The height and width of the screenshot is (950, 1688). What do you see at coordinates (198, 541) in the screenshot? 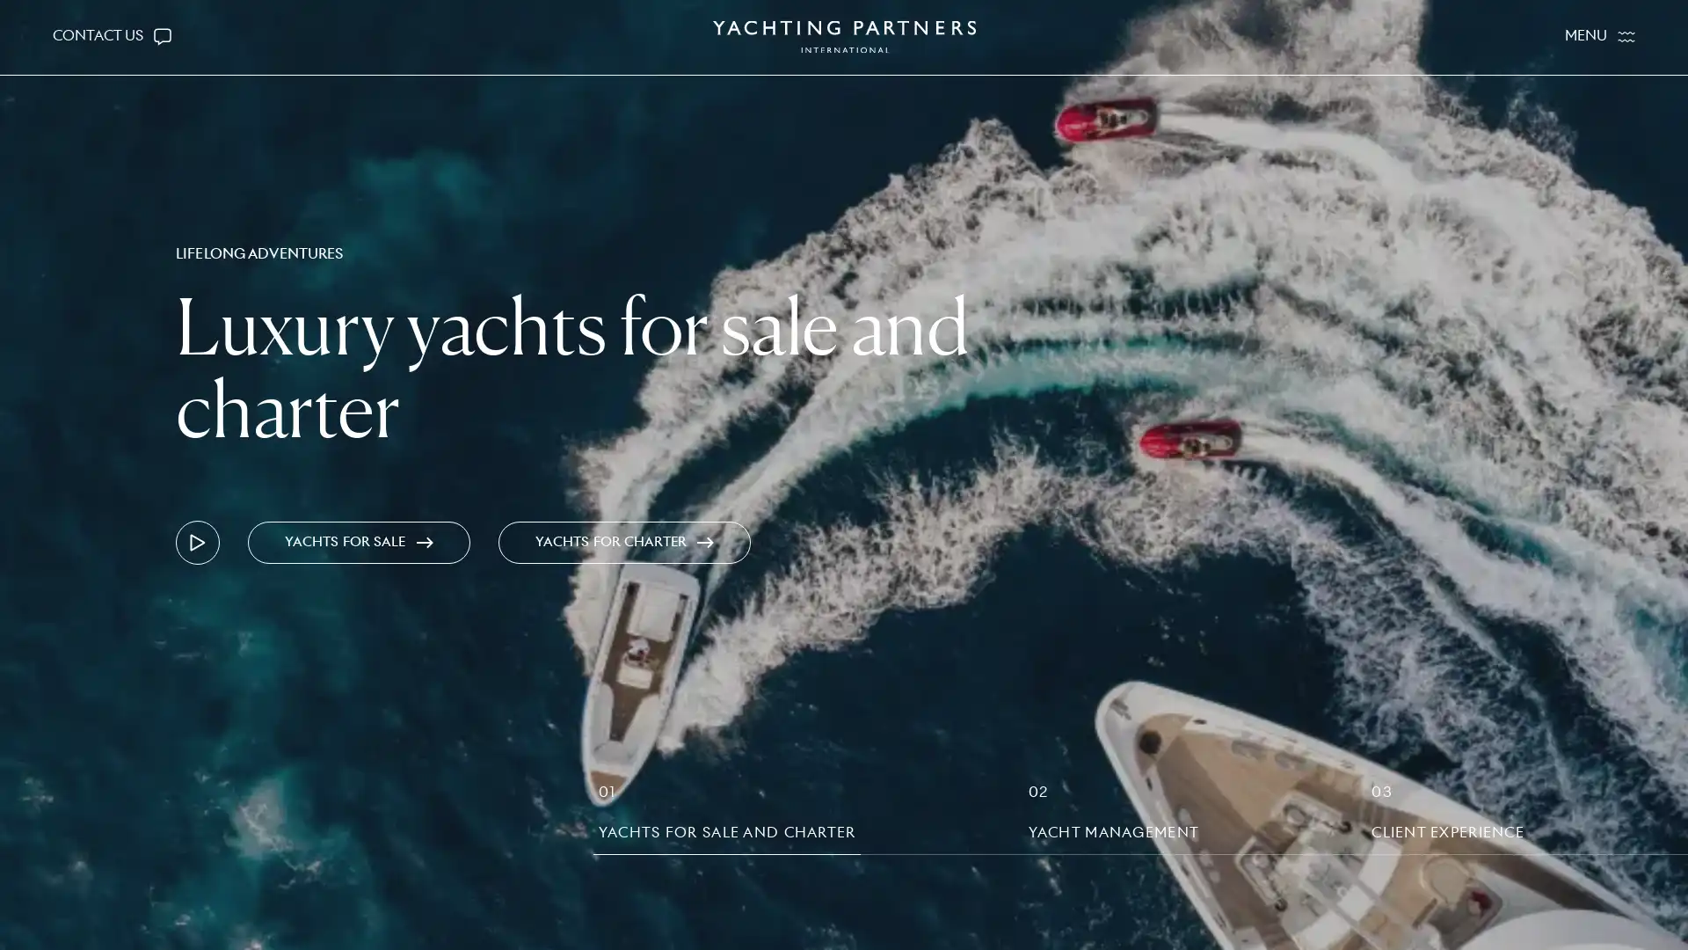
I see `Play` at bounding box center [198, 541].